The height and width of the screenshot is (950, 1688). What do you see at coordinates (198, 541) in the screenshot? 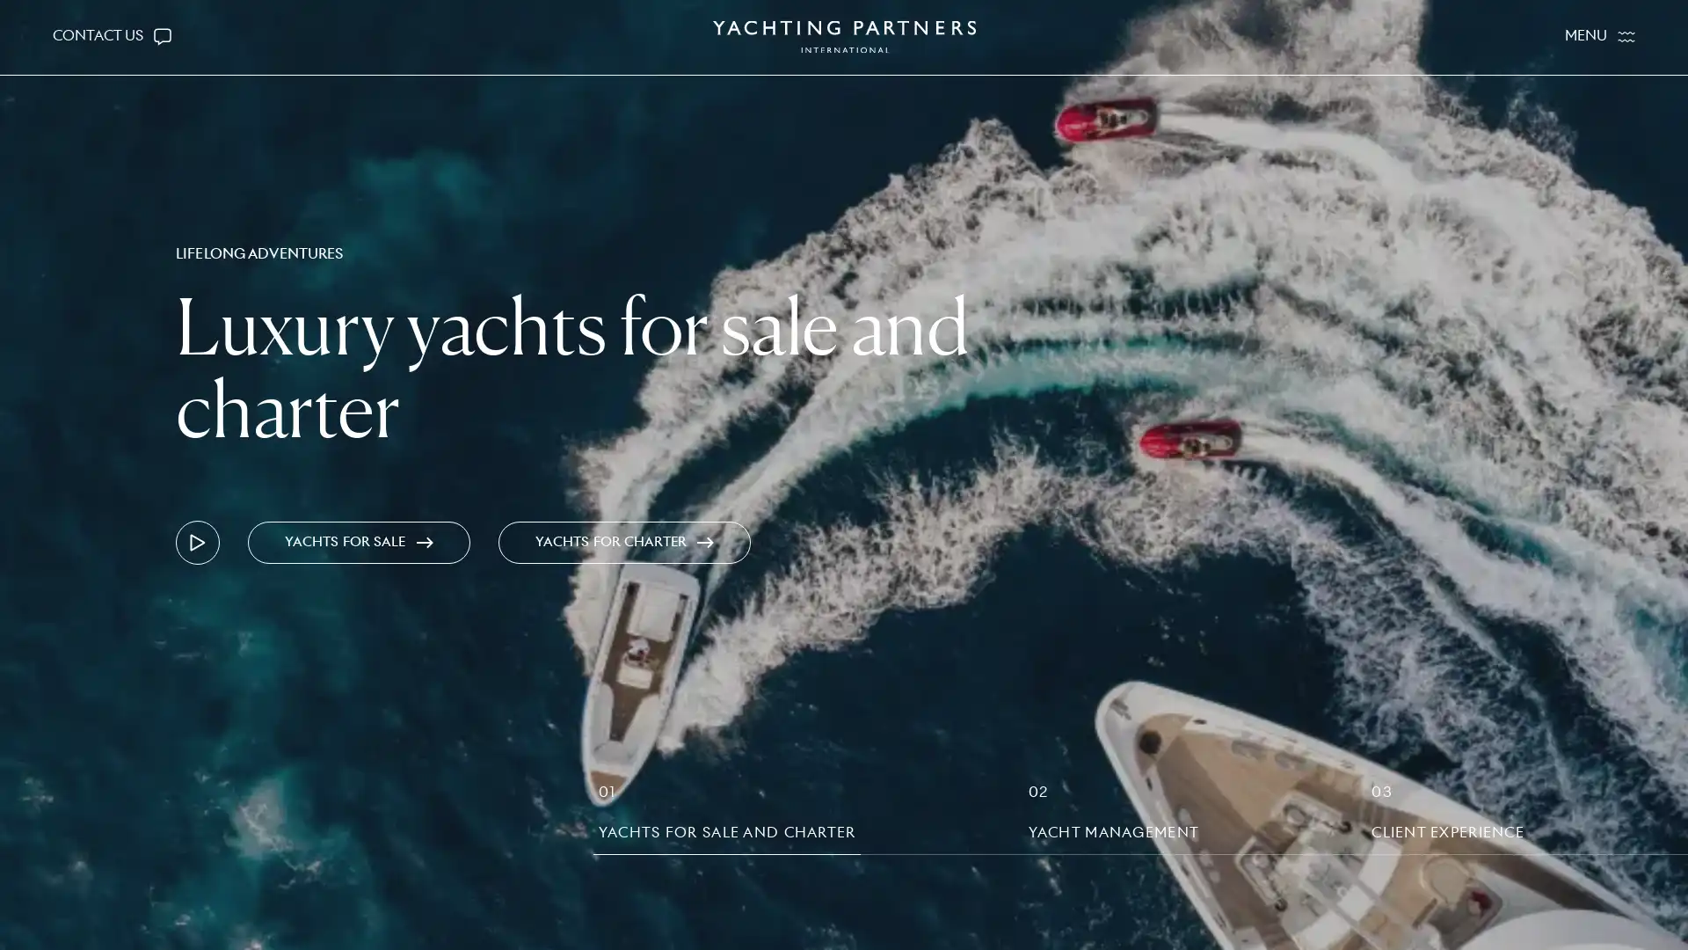
I see `Play` at bounding box center [198, 541].